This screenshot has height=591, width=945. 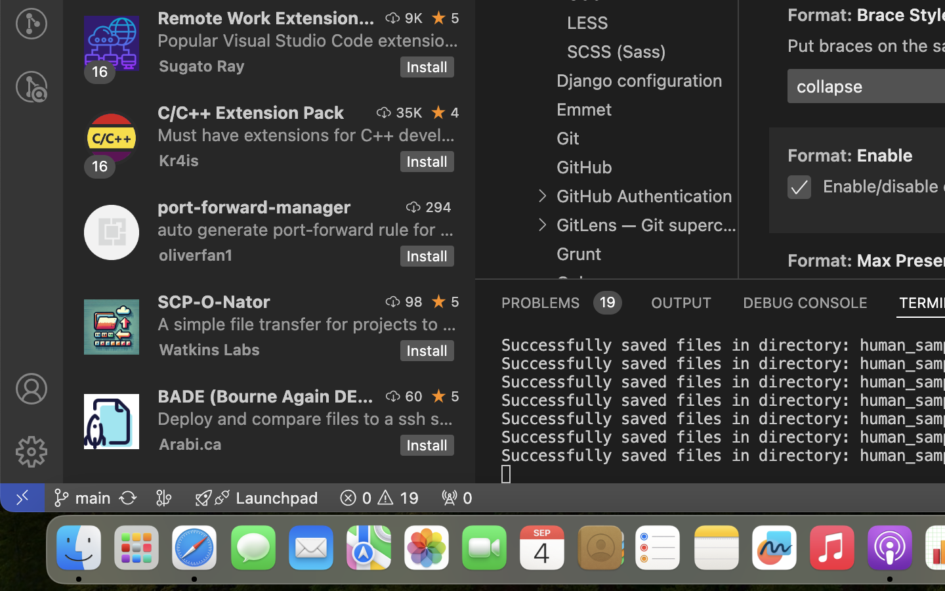 What do you see at coordinates (307, 323) in the screenshot?
I see `'A simple file transfer for projects to and from servers suporting scp (ssh file transfer).'` at bounding box center [307, 323].